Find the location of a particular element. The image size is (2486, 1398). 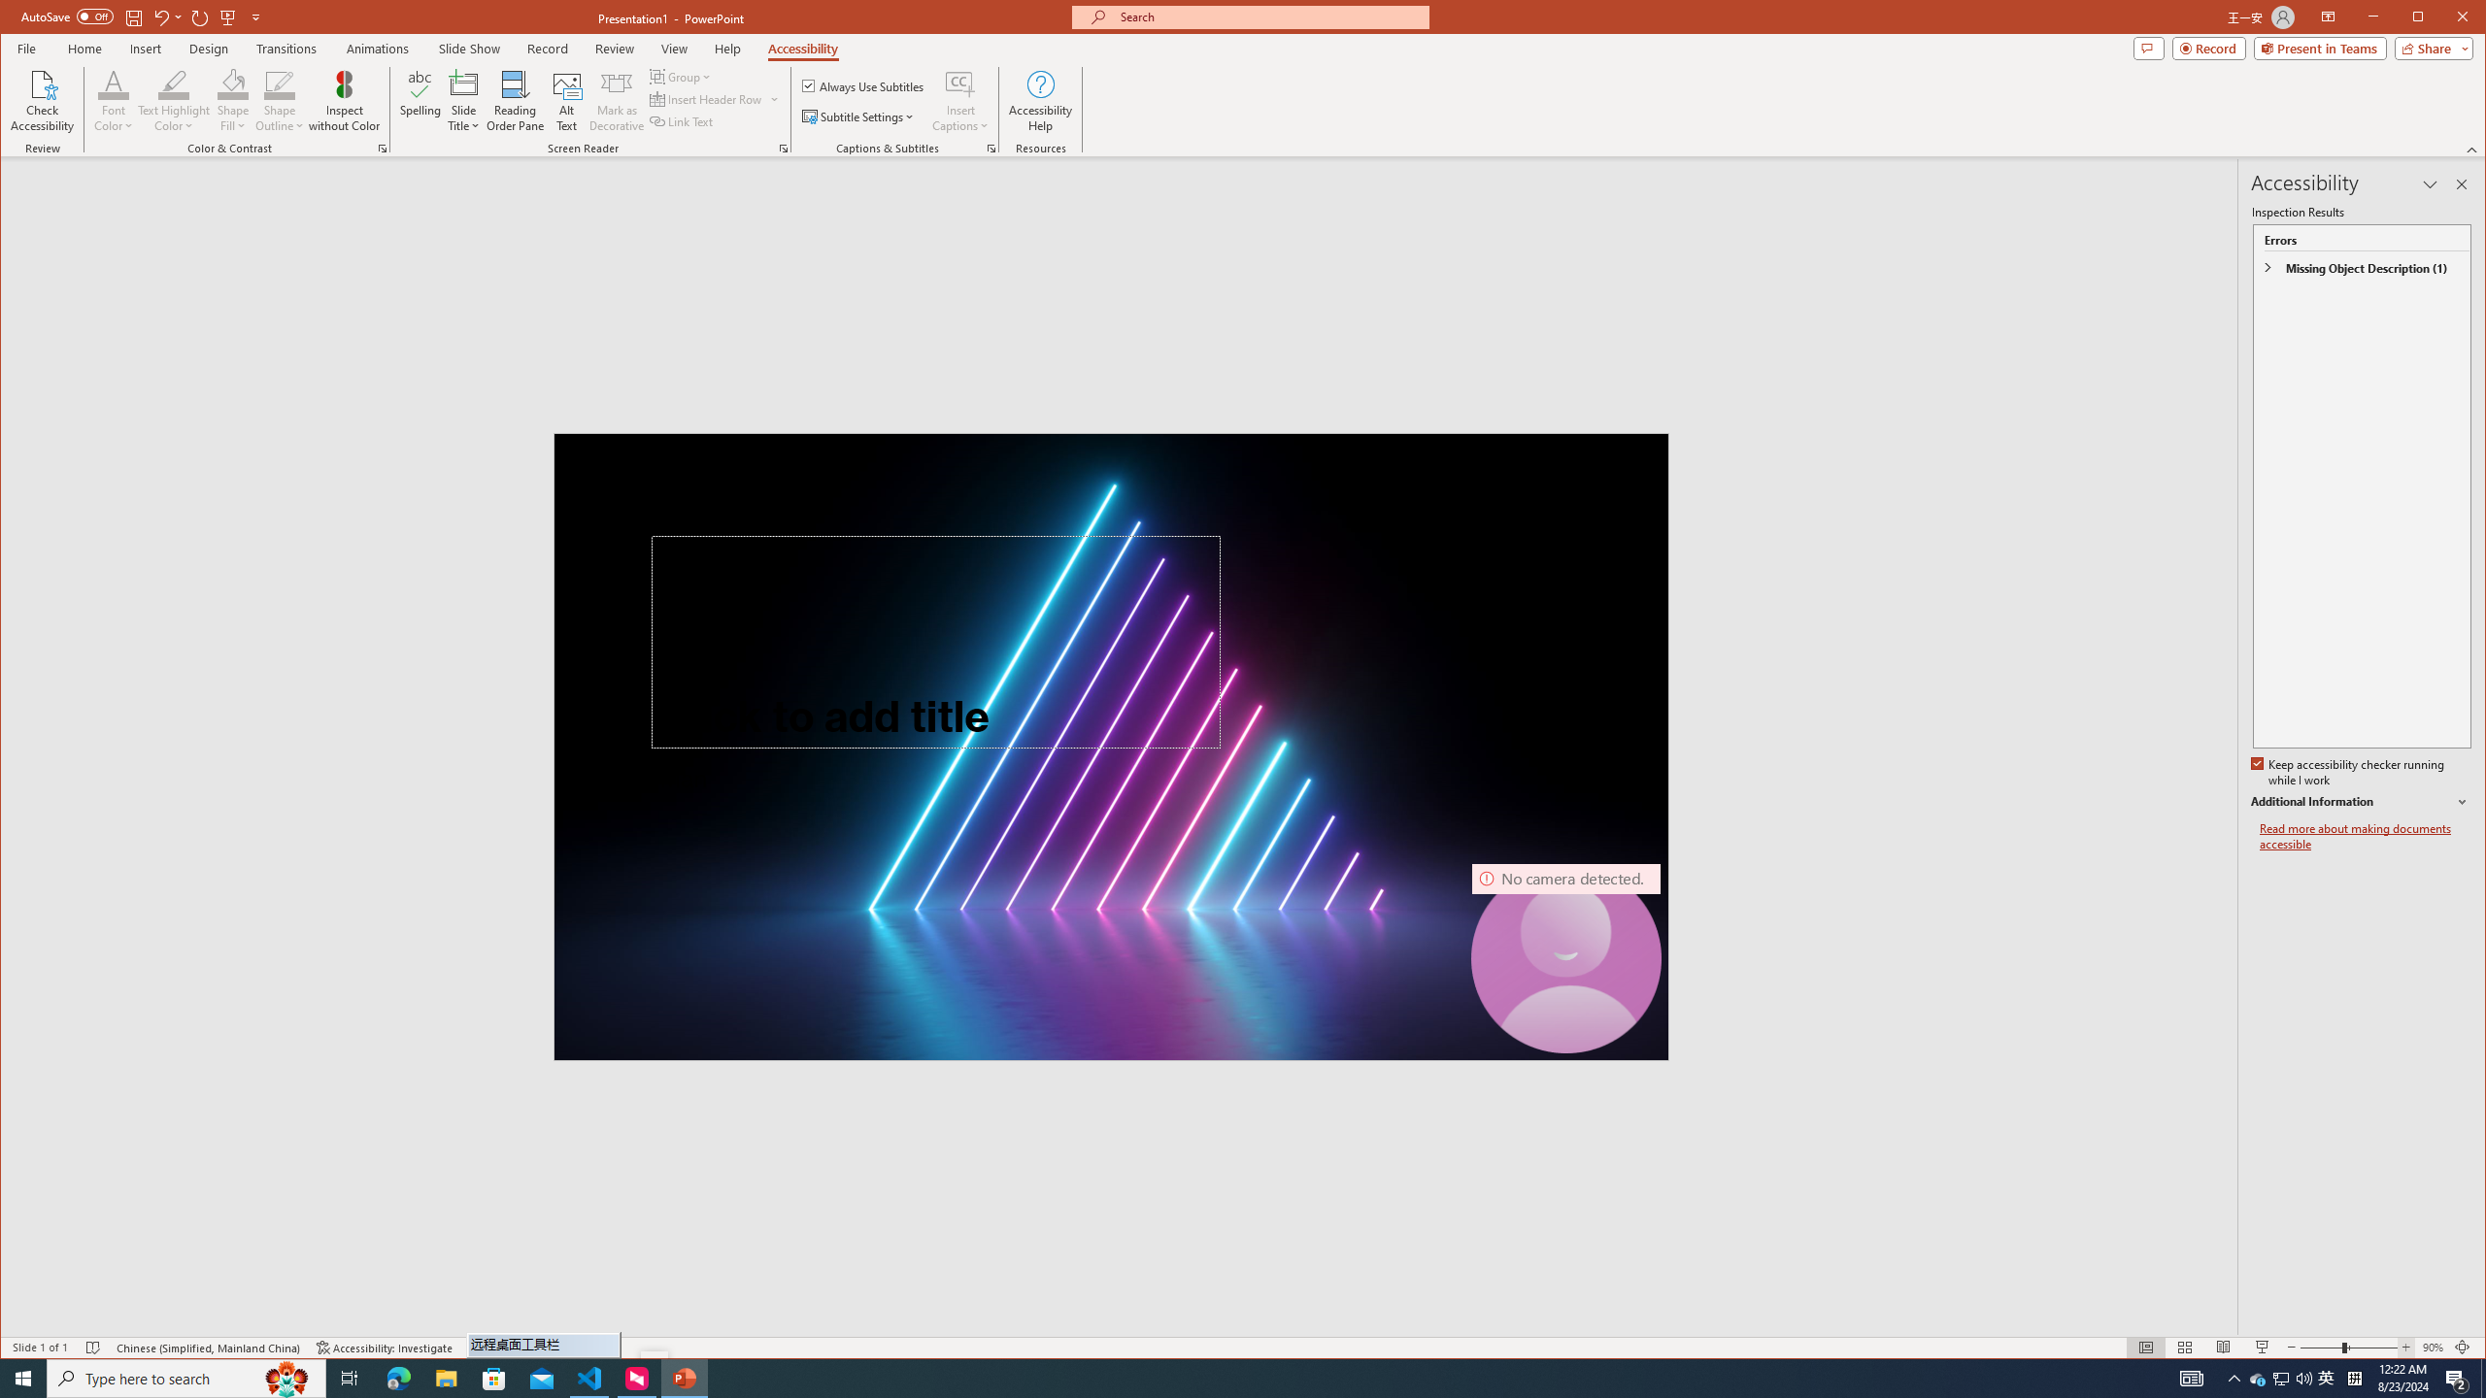

'Camera 7, No camera detected.' is located at coordinates (1564, 958).